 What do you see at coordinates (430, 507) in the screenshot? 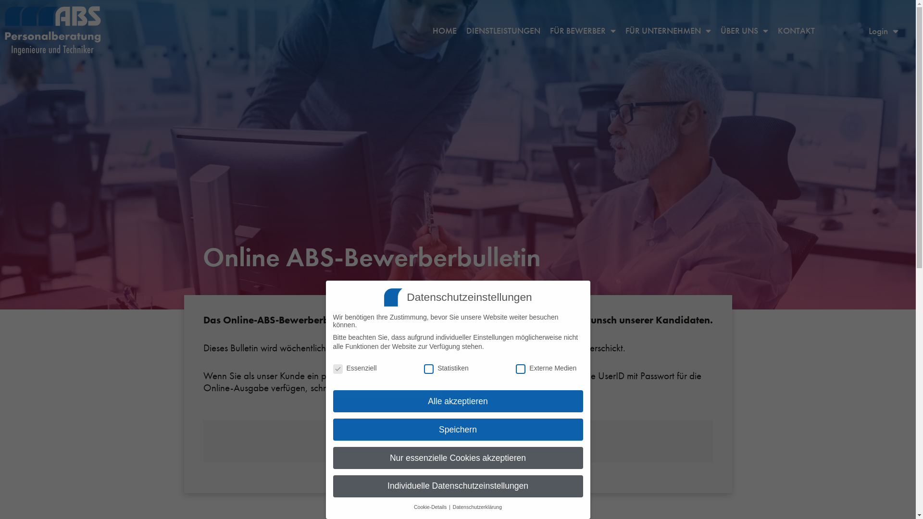
I see `'Cookie-Details'` at bounding box center [430, 507].